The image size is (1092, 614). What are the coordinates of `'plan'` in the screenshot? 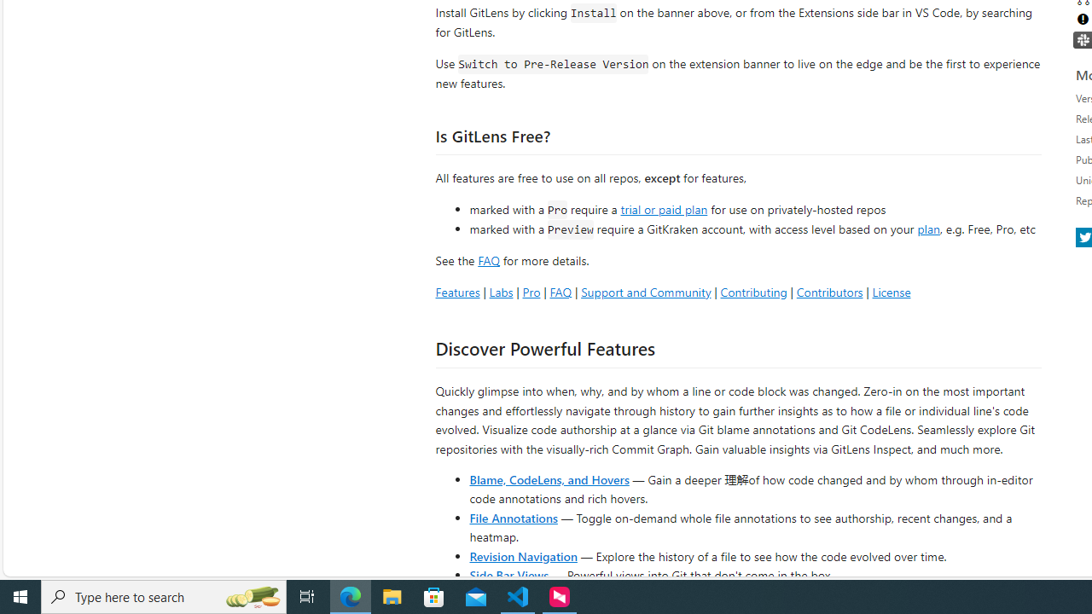 It's located at (927, 229).